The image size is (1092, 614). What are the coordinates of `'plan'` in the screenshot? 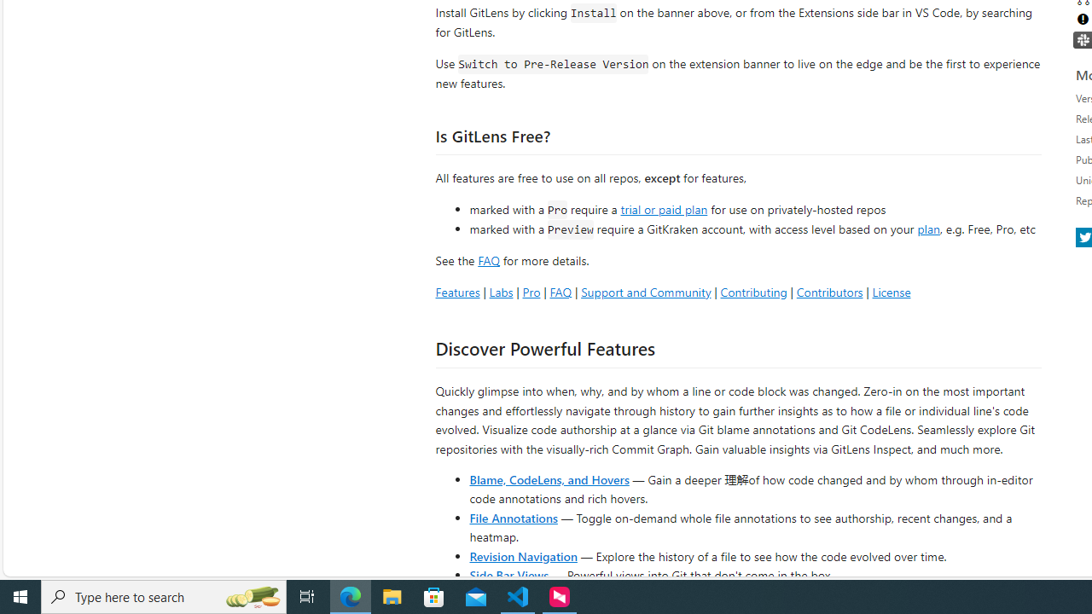 It's located at (927, 229).